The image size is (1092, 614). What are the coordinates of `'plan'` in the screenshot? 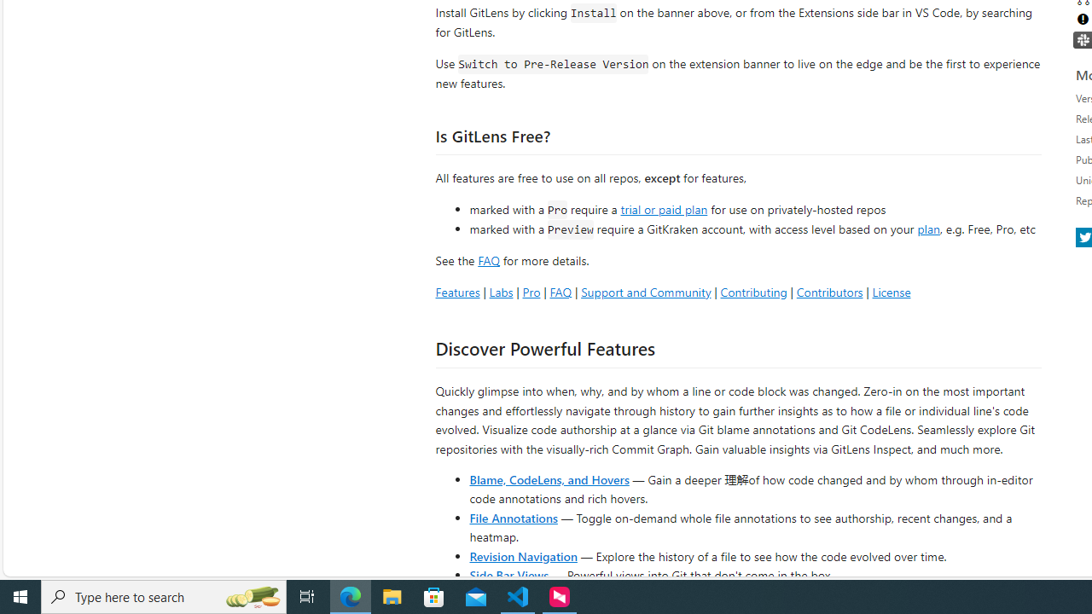 It's located at (927, 229).